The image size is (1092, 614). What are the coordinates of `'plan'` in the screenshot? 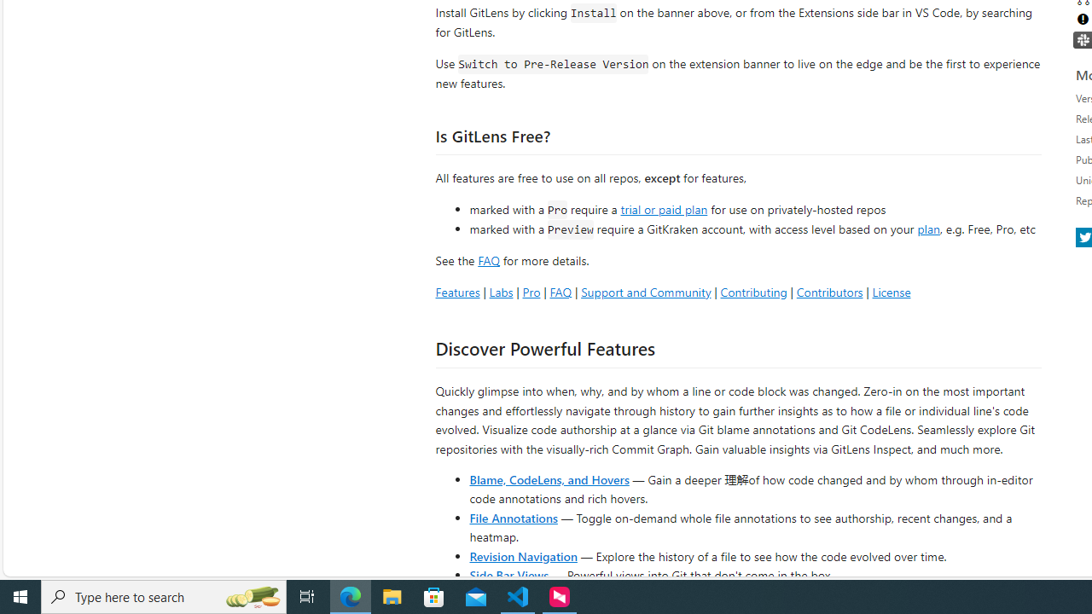 It's located at (927, 229).